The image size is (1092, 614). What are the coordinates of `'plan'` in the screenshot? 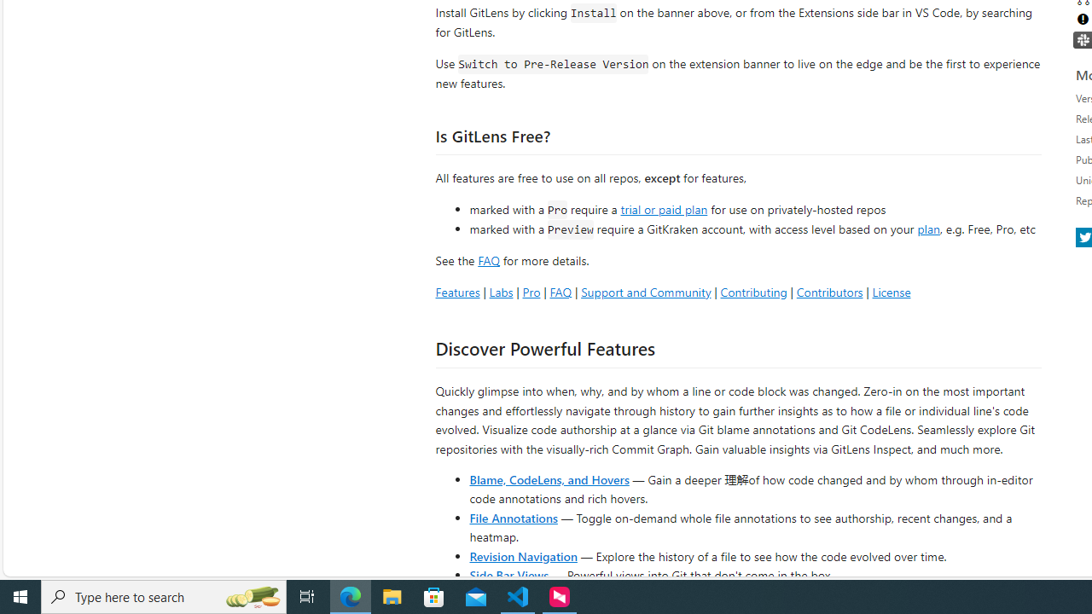 It's located at (927, 229).